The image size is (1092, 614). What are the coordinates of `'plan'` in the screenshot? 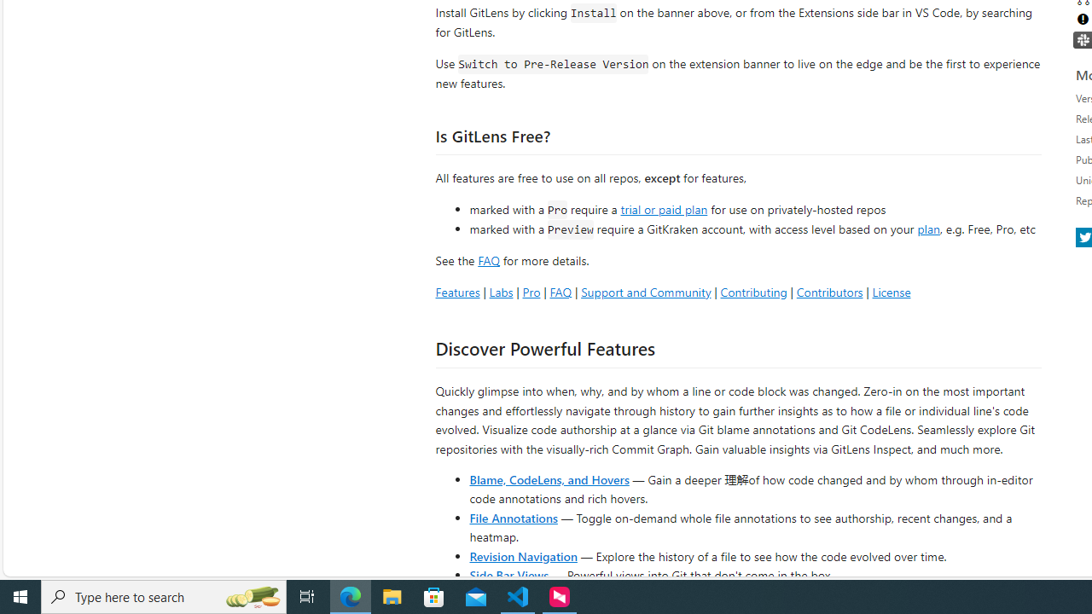 It's located at (927, 229).